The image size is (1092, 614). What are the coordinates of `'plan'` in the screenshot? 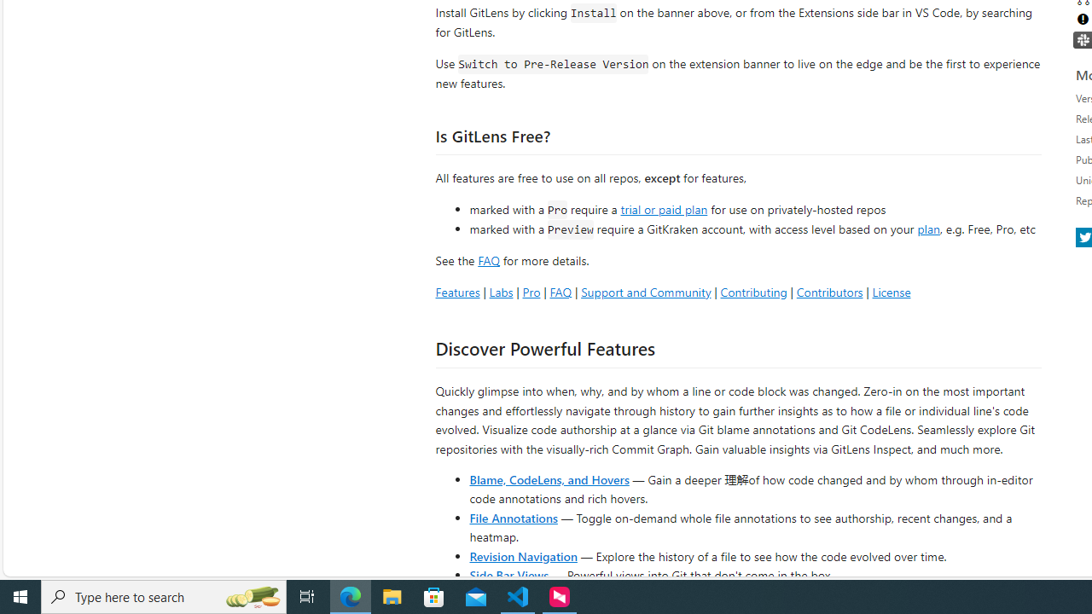 It's located at (927, 229).